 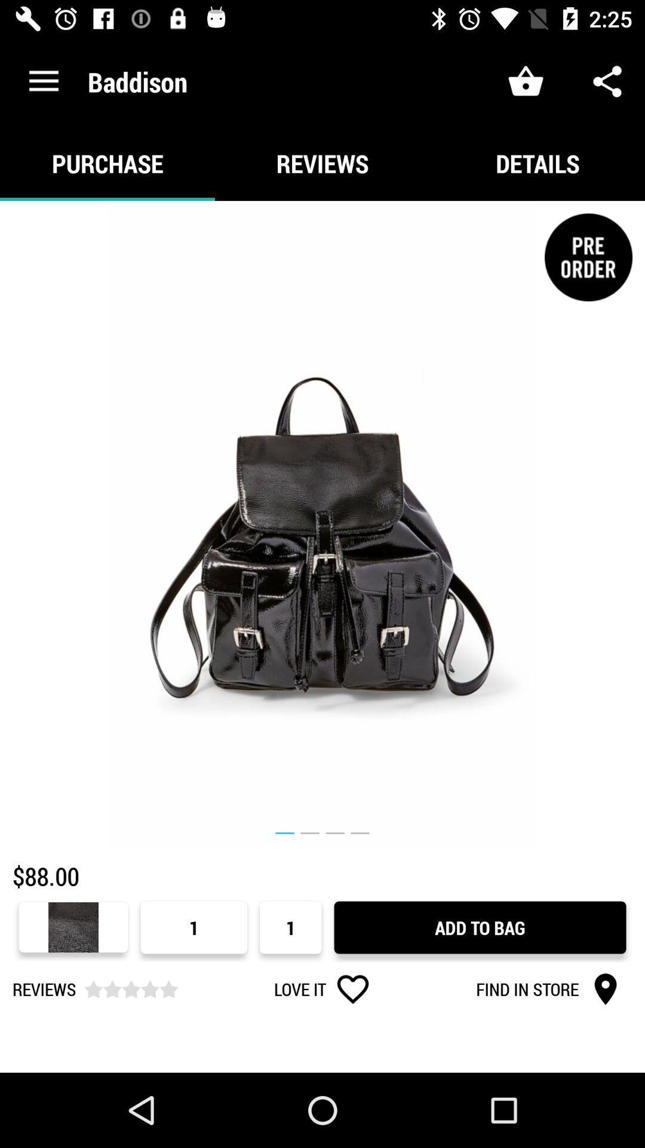 What do you see at coordinates (322, 524) in the screenshot?
I see `icon below the purchase` at bounding box center [322, 524].